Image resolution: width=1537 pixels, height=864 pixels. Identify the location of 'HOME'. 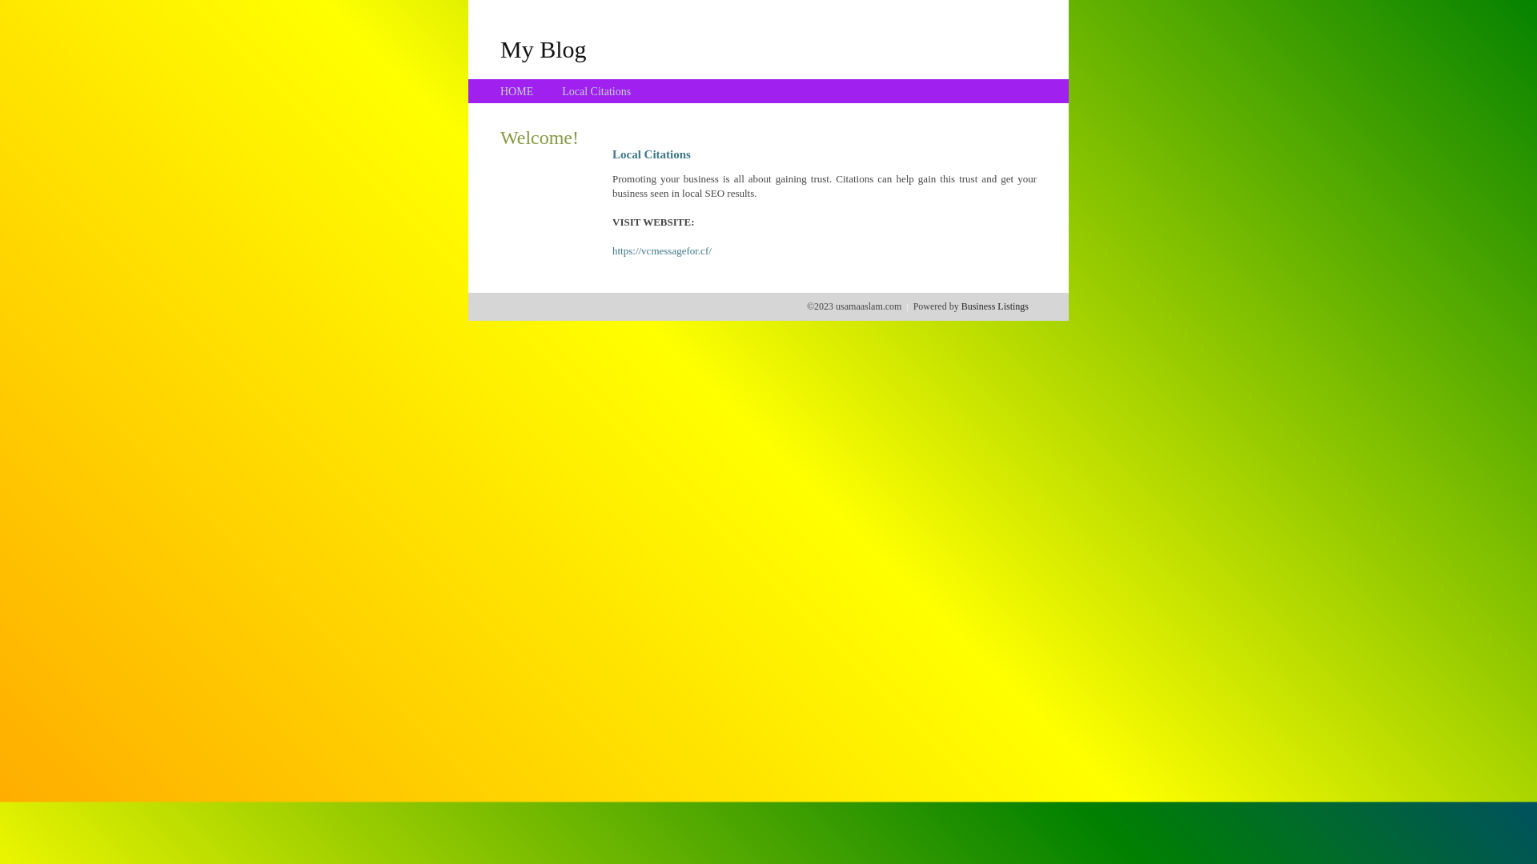
(516, 91).